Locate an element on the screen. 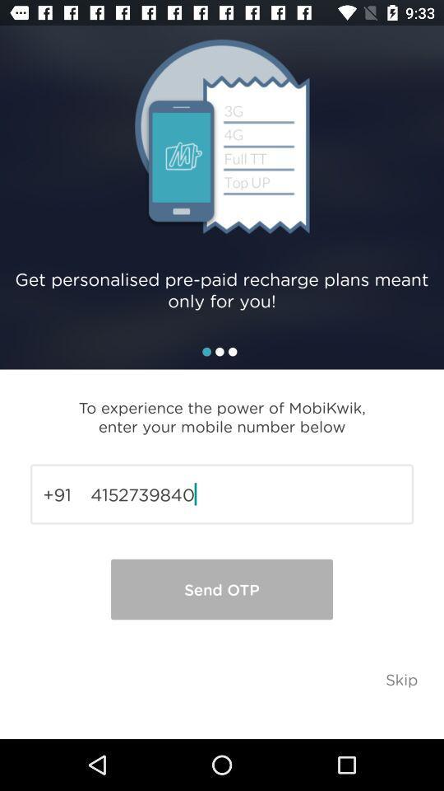 The image size is (444, 791). 4152739840 is located at coordinates (222, 494).